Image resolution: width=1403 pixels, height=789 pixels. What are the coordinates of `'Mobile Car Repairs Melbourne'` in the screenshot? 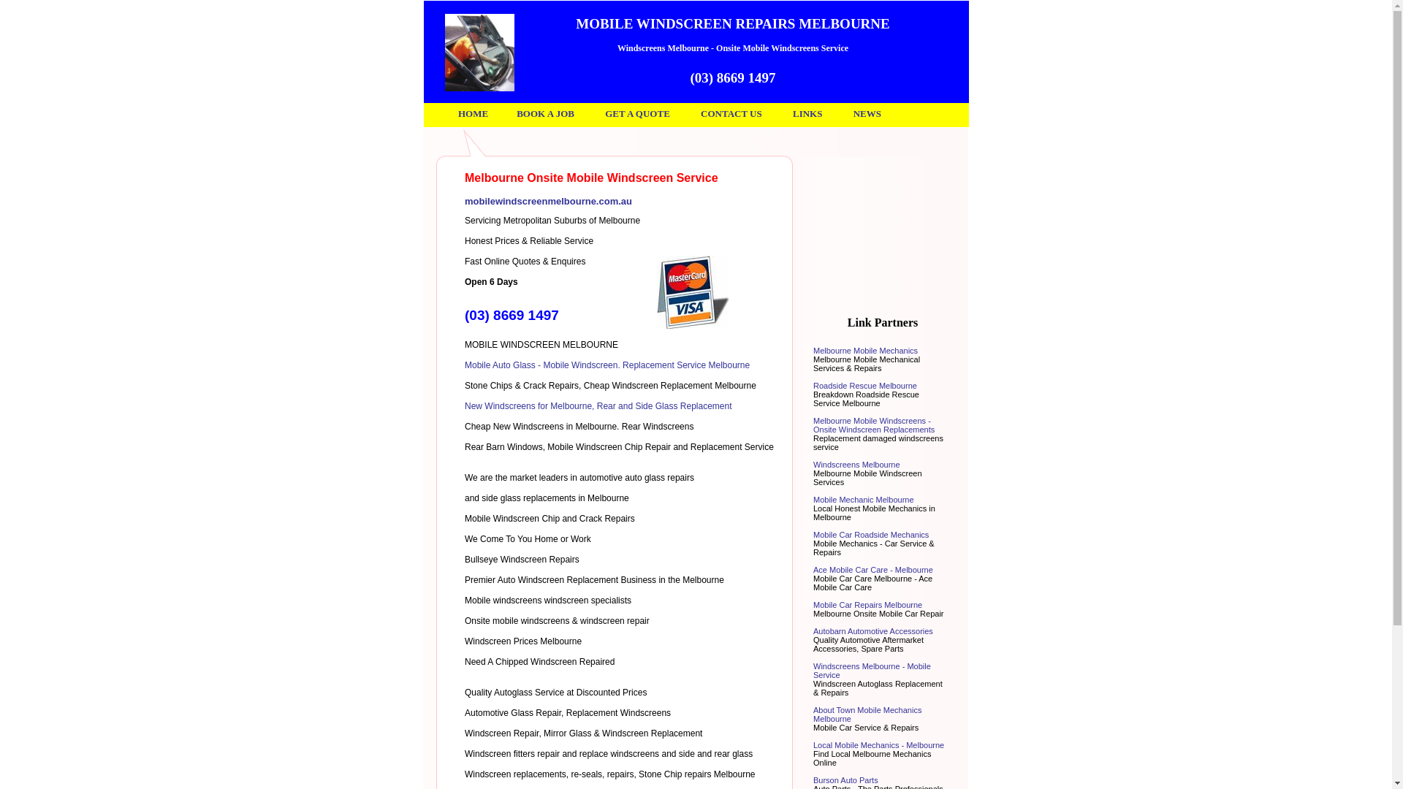 It's located at (813, 605).